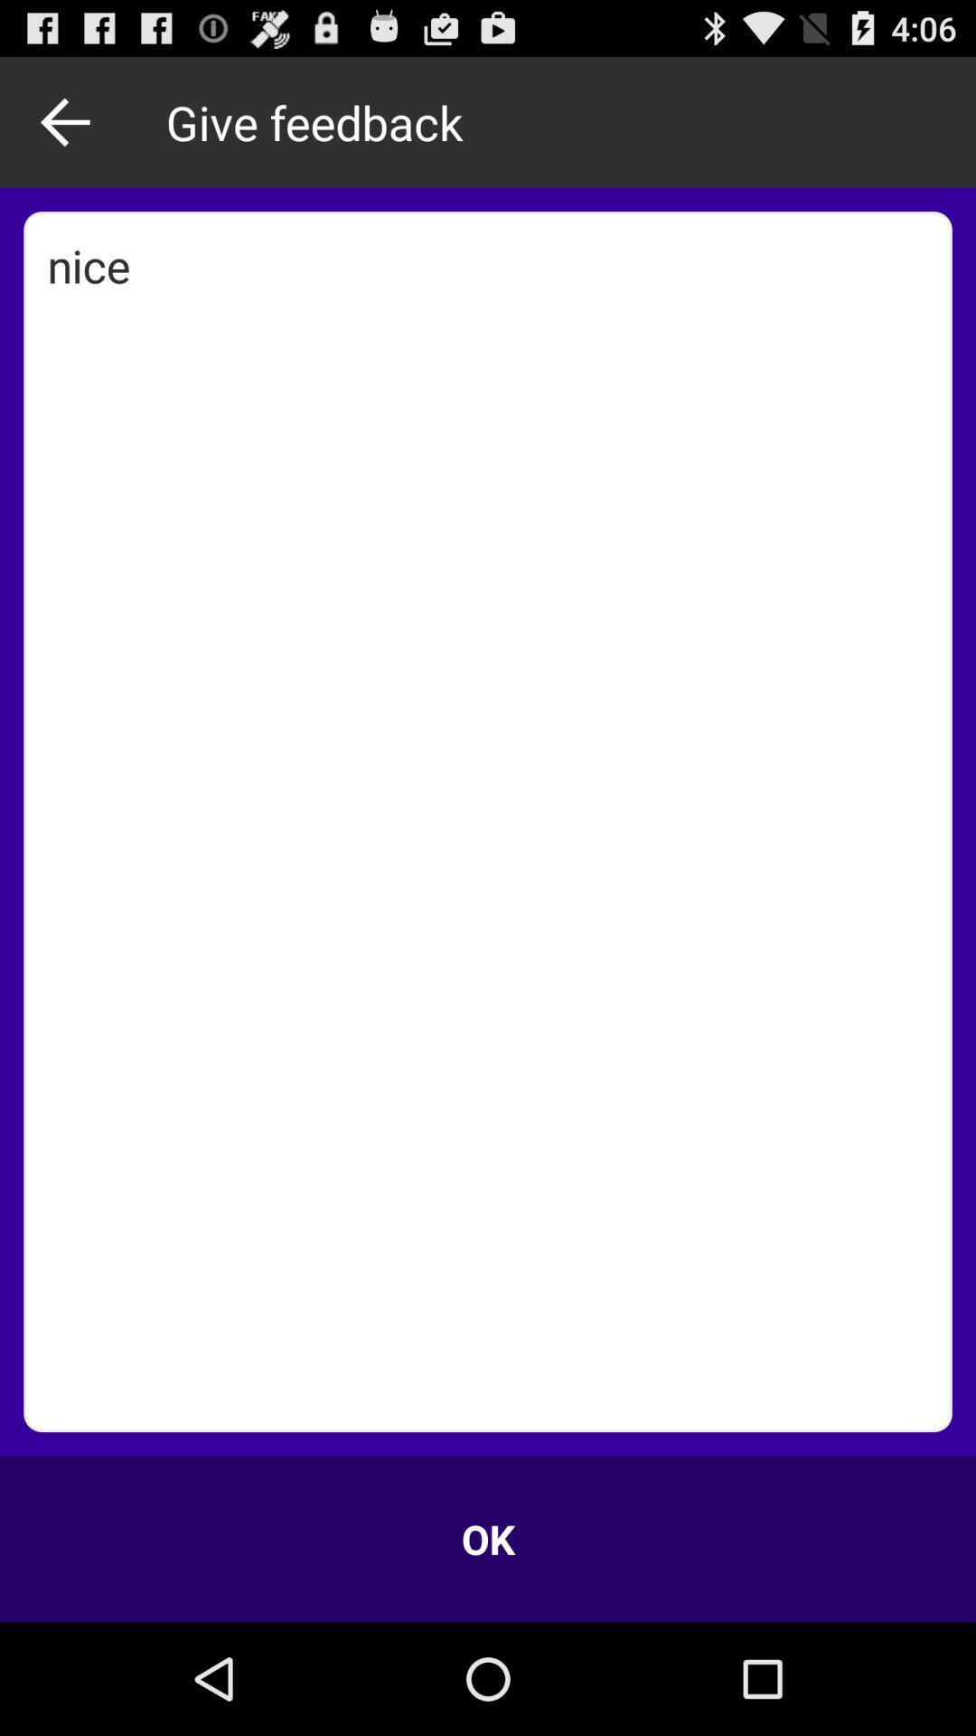 The width and height of the screenshot is (976, 1736). I want to click on the arrow_backward icon, so click(70, 129).